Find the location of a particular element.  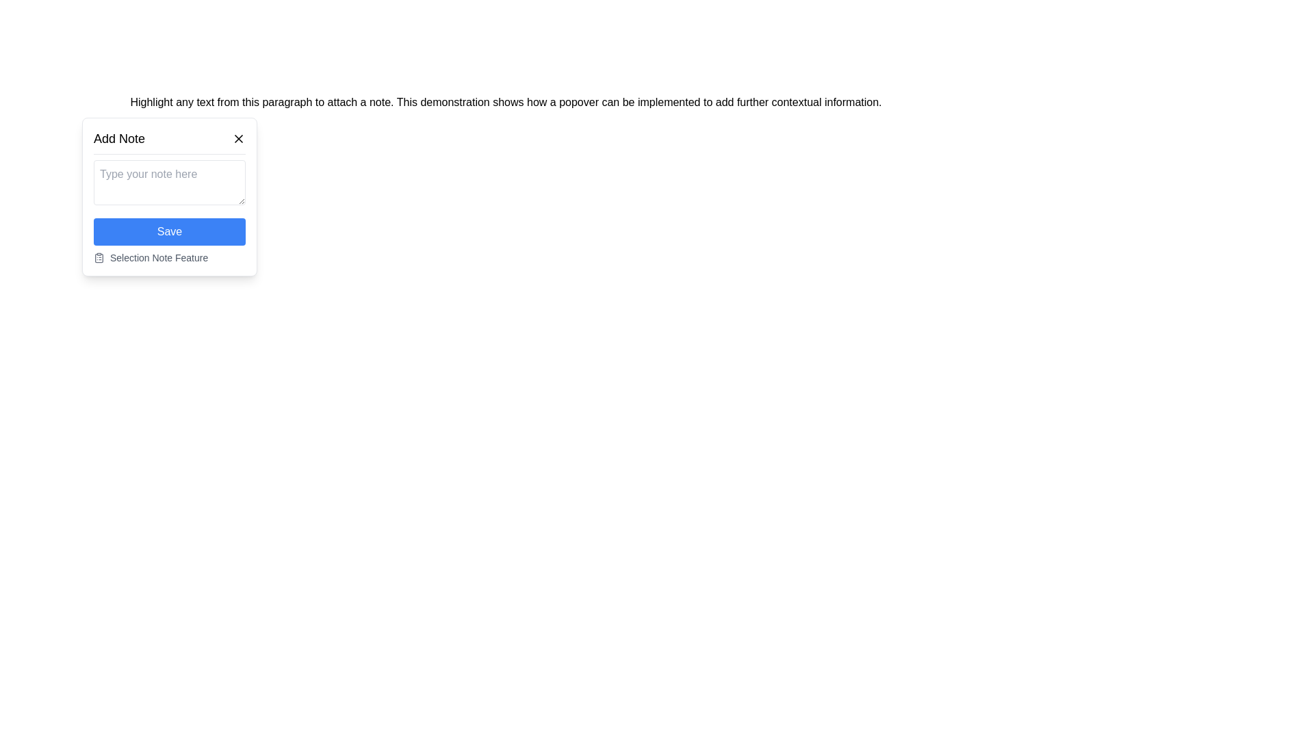

the text label that reads 'Selection Note Feature', which is styled in a smaller font size and colored in subdued gray, located adjacent to a clipboard icon within the 'Add Note' feature popover is located at coordinates (159, 258).